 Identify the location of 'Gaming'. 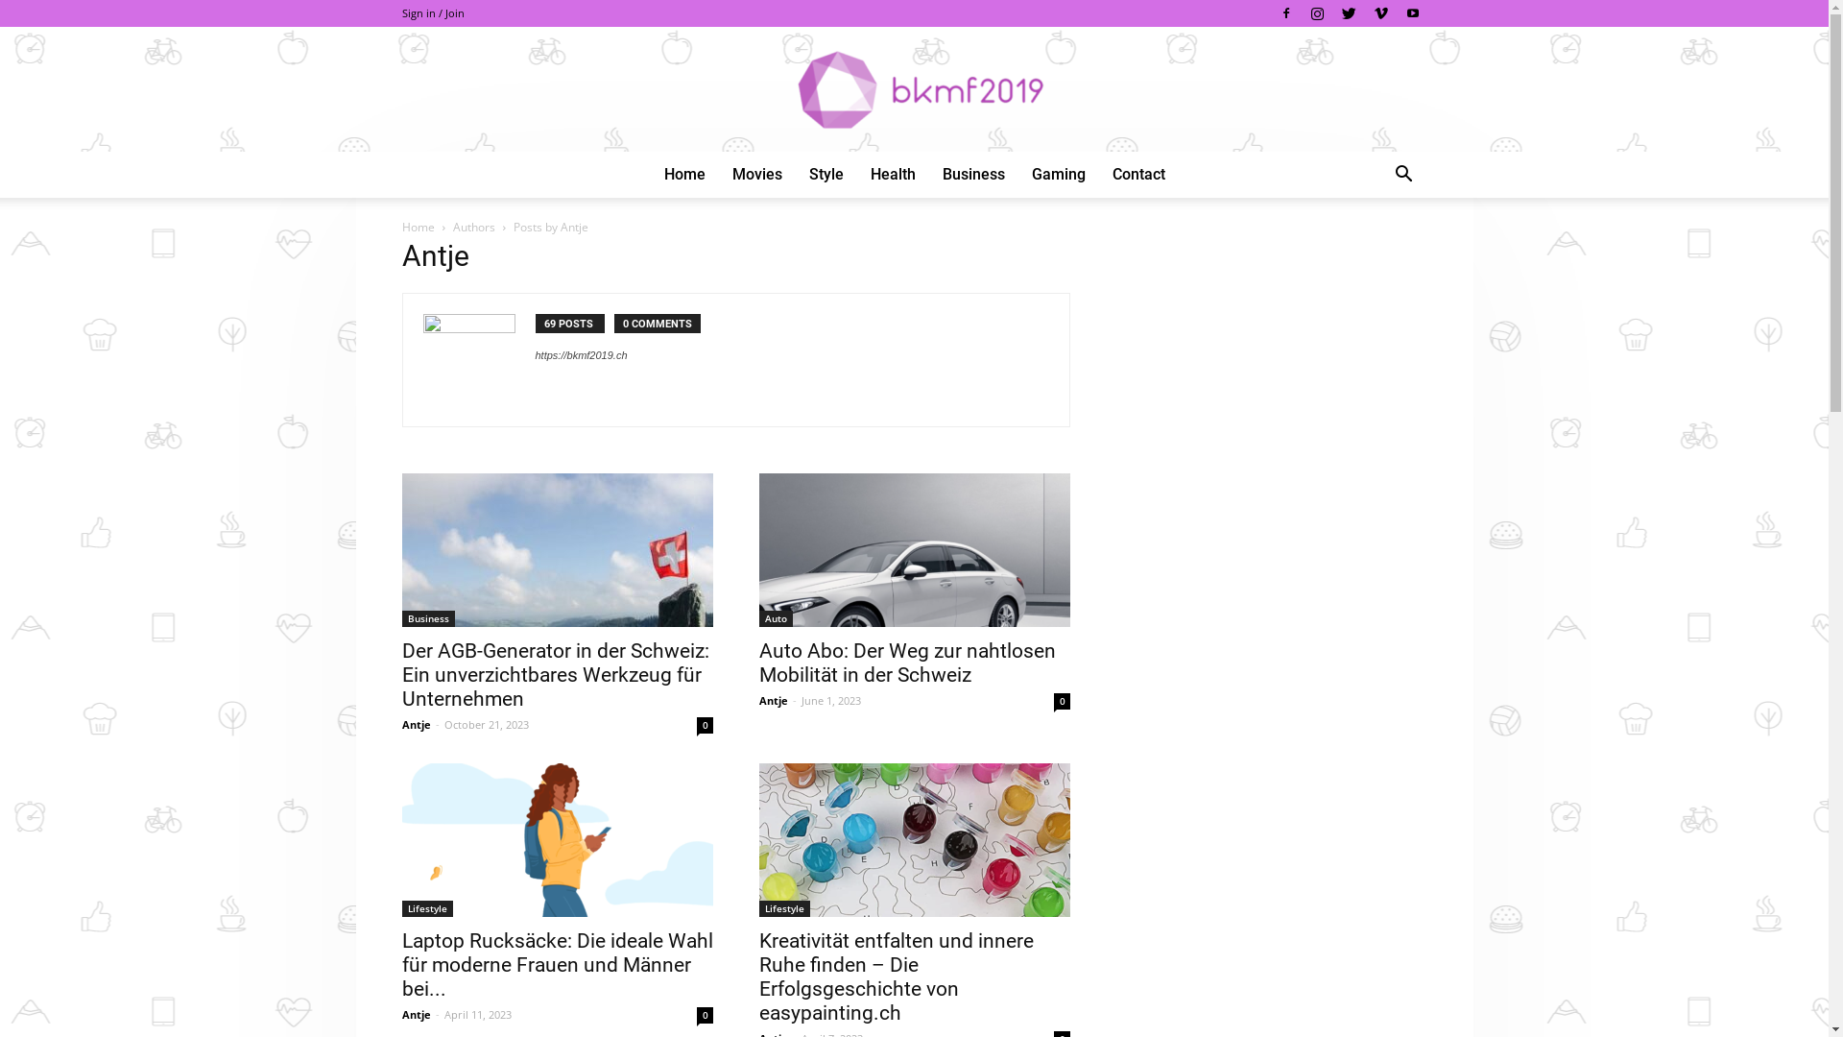
(1017, 174).